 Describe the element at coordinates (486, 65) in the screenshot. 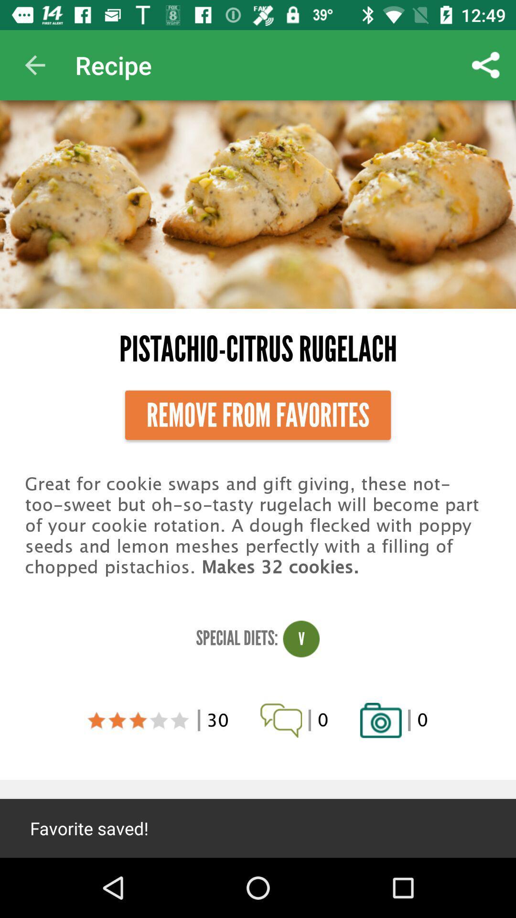

I see `item above pistachio-citrus rugelach item` at that location.